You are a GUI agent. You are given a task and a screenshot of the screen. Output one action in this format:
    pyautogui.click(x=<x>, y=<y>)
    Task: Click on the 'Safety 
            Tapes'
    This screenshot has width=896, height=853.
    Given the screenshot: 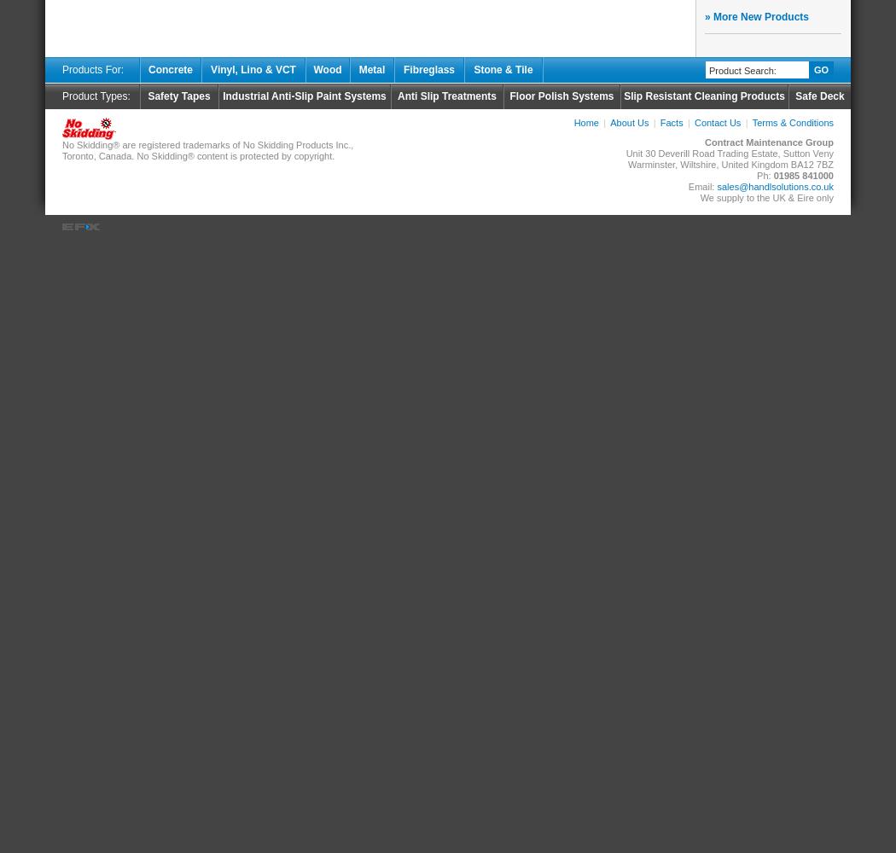 What is the action you would take?
    pyautogui.click(x=148, y=95)
    